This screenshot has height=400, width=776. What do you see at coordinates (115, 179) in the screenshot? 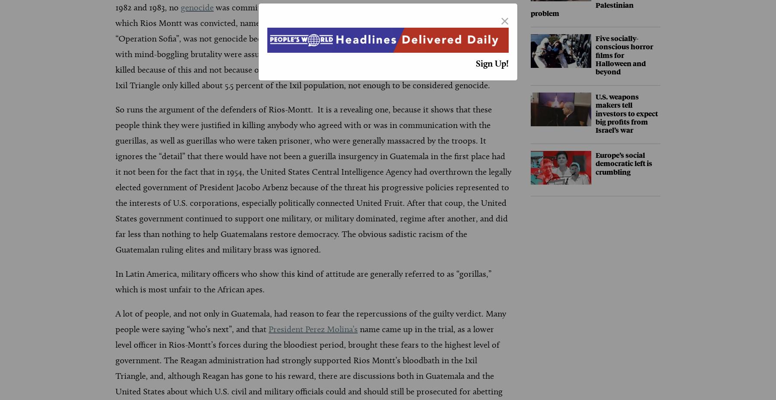
I see `'So runs the argument of the defenders of Rios-Montt.  It is a revealing one, because it shows that these people think they were justified in killing anybody who agreed with or was in communication with the guerillas, as well as guerillas who were taken prisoner, who were generally massacred by the troops. It ignores the “detail” that there would have not been a guerilla insurgency in Guatemala in the first place had it not been for the fact that in 1954, the United States Central Intelligence Agency had overthrown the legally elected government of President Jacobo Arbenz because of the threat his progressive policies represented to the interests of U.S. corporations, especially politically connected United Fruit. After that coup, the United States government continued to support one military, or military dominated, regime after another, and did far less than nothing to help Guatemalans restore democracy. The obvious sadistic racism of the Guatemalan ruling elites and military brass was ignored.'` at bounding box center [115, 179].